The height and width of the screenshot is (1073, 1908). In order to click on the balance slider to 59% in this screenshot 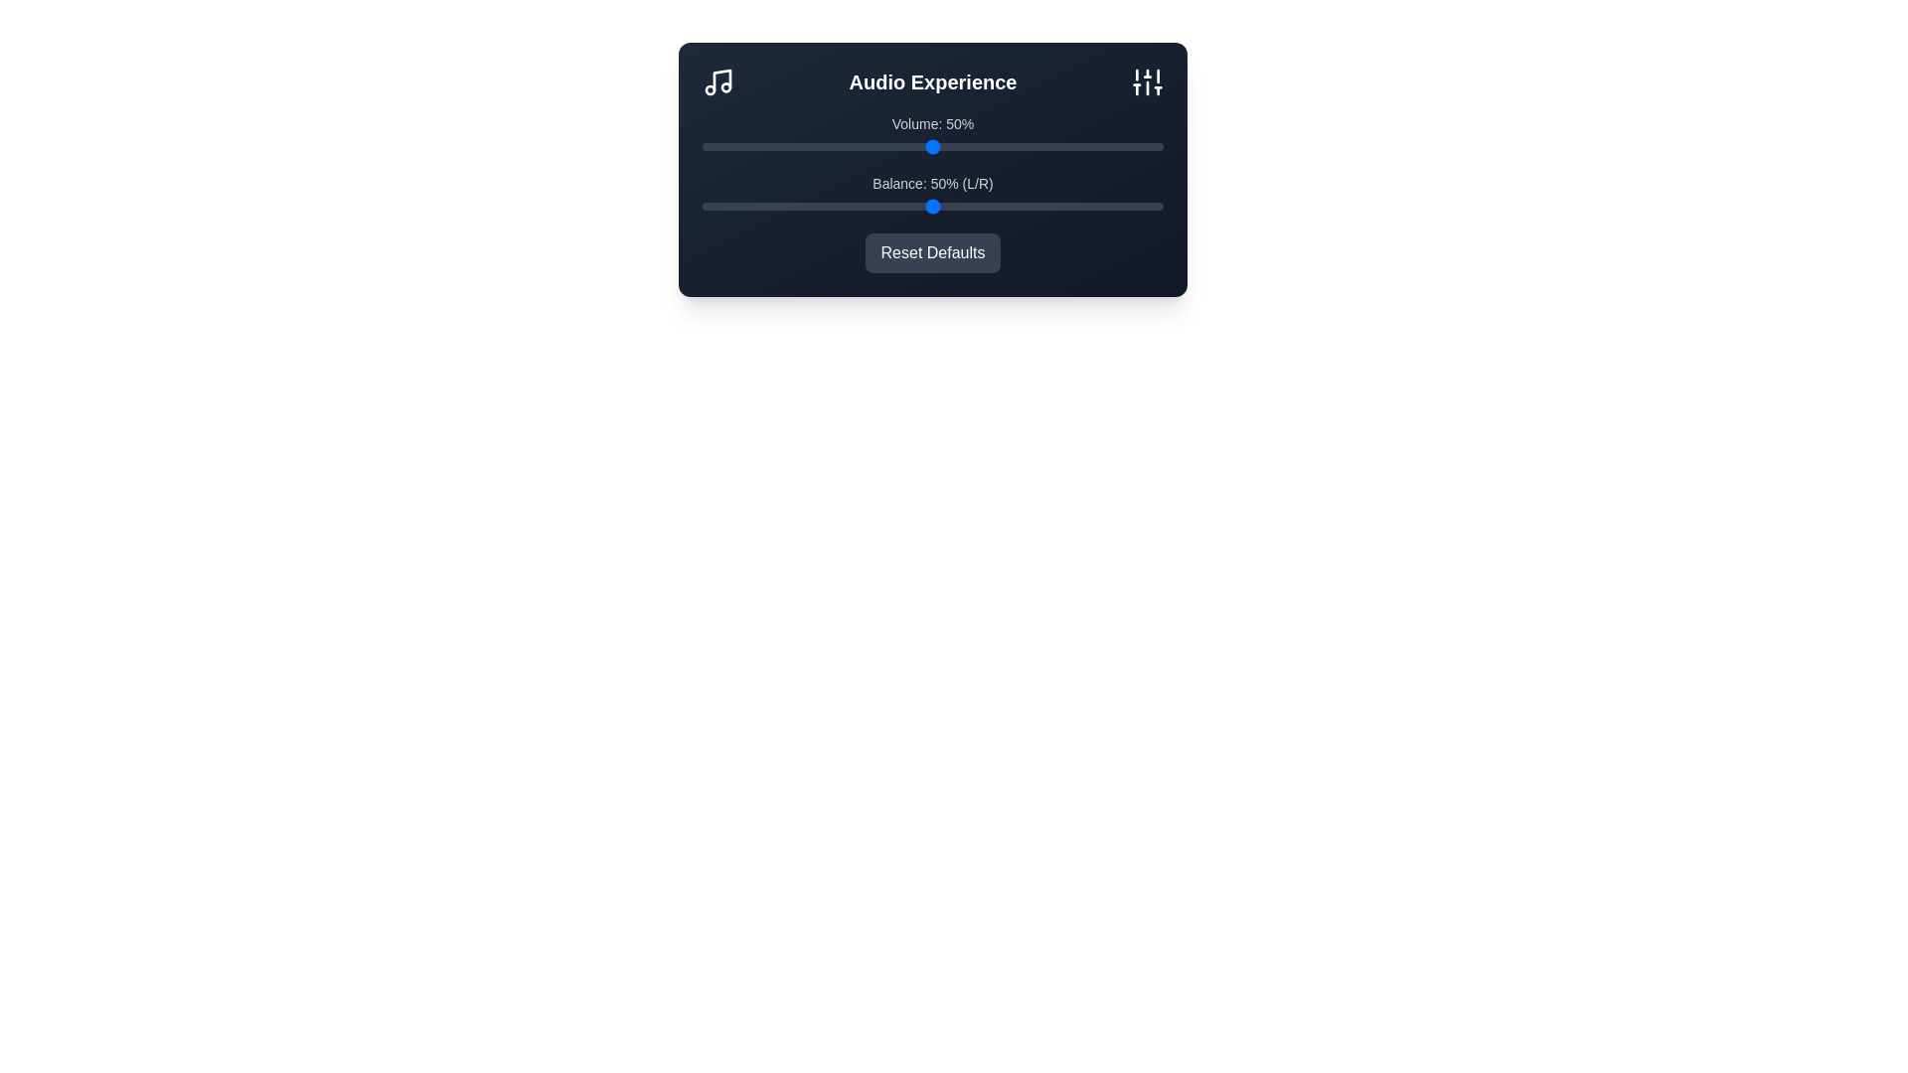, I will do `click(974, 207)`.